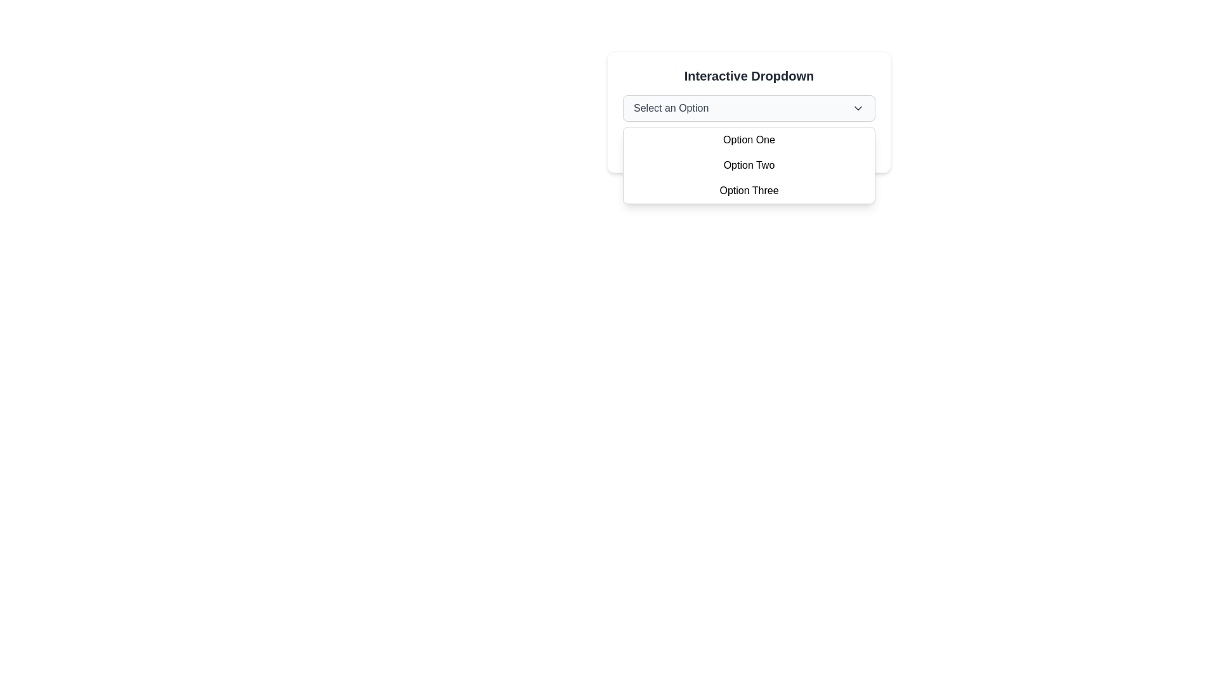 The image size is (1218, 685). Describe the element at coordinates (749, 165) in the screenshot. I see `one of the options in the lightweight dropdown menu located below the 'Select an Option' button, identified by its white background and three stacked options` at that location.